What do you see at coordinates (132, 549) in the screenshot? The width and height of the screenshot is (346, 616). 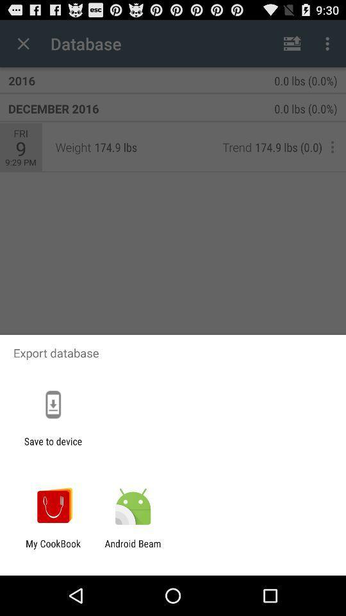 I see `icon to the right of the my cookbook` at bounding box center [132, 549].